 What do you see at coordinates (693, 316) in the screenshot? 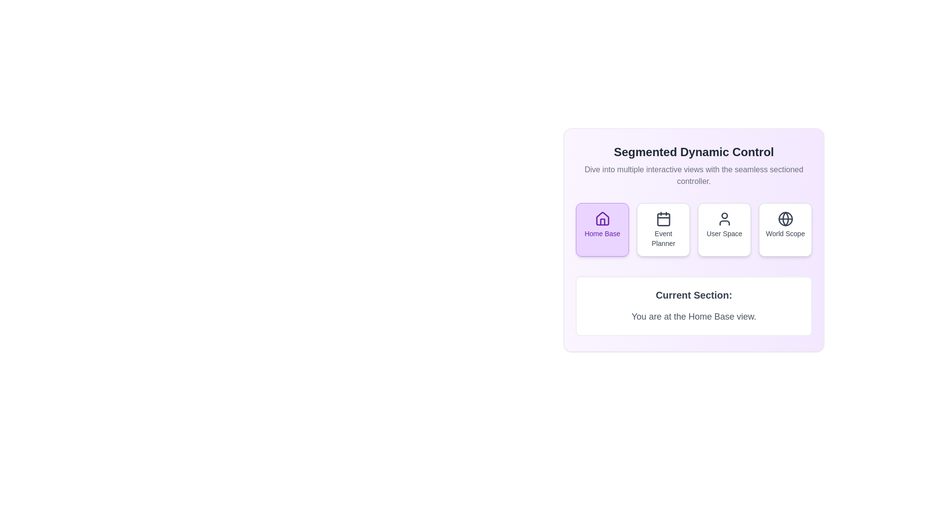
I see `the text display that reads 'You are at the Home Base view.' which is styled with a gray font and located below the heading 'Current Section:'` at bounding box center [693, 316].